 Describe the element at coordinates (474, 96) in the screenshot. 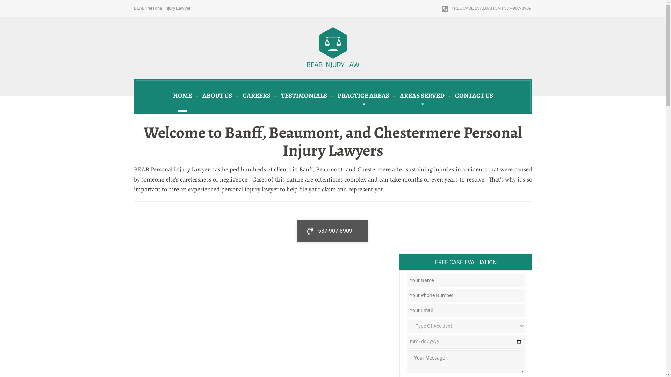

I see `'CONTACT US'` at that location.